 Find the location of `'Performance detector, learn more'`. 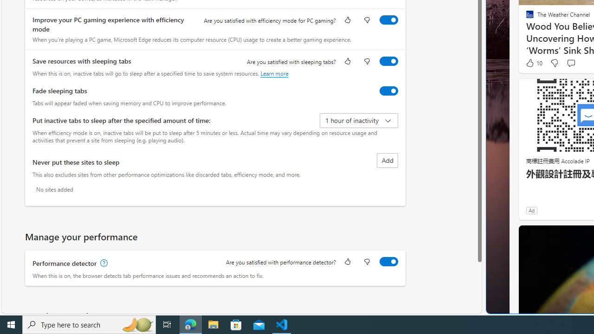

'Performance detector, learn more' is located at coordinates (103, 263).